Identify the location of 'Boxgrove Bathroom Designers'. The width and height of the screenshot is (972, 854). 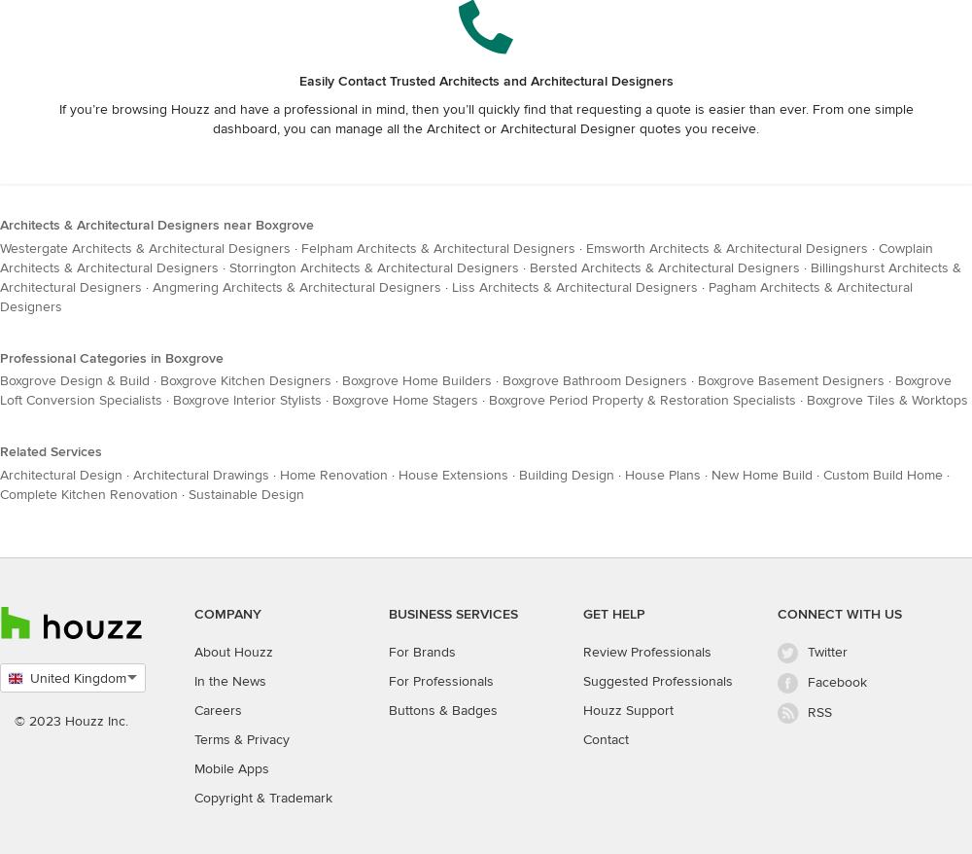
(594, 379).